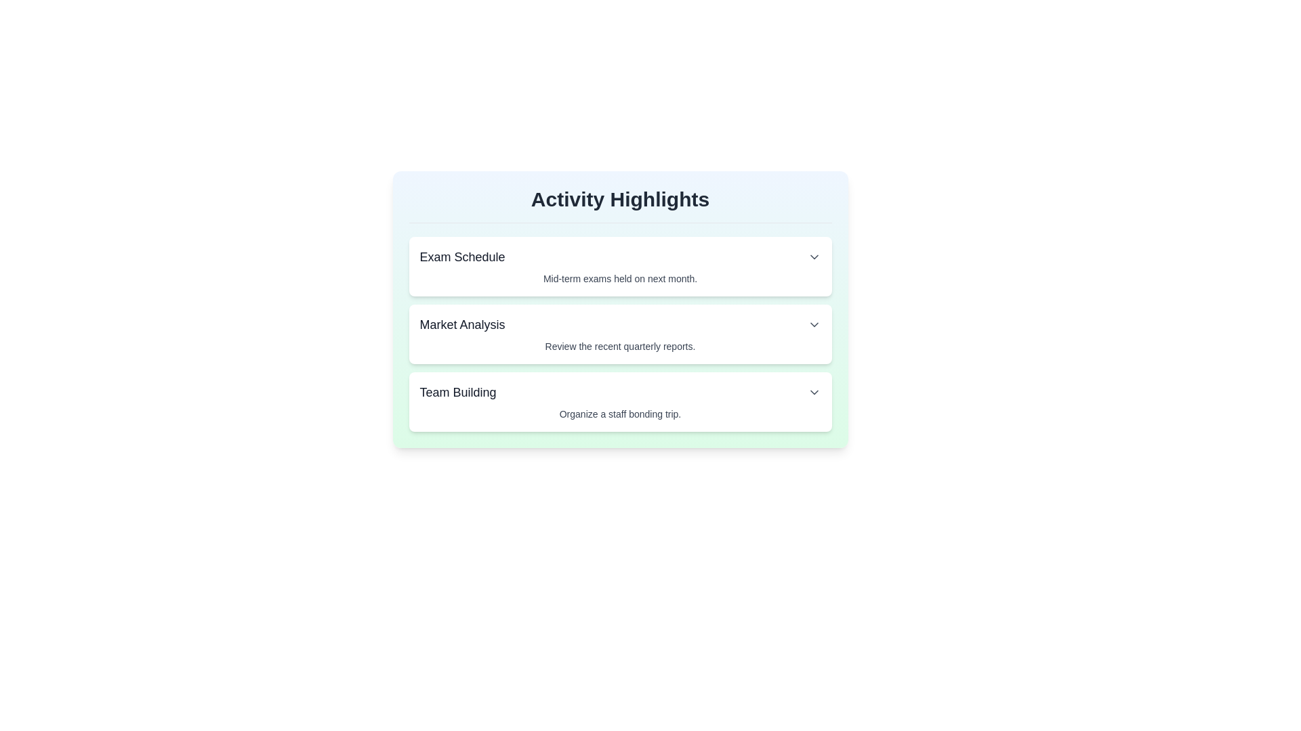  I want to click on the dropdown icon of the item titled 'Team Building' to toggle its details, so click(813, 392).